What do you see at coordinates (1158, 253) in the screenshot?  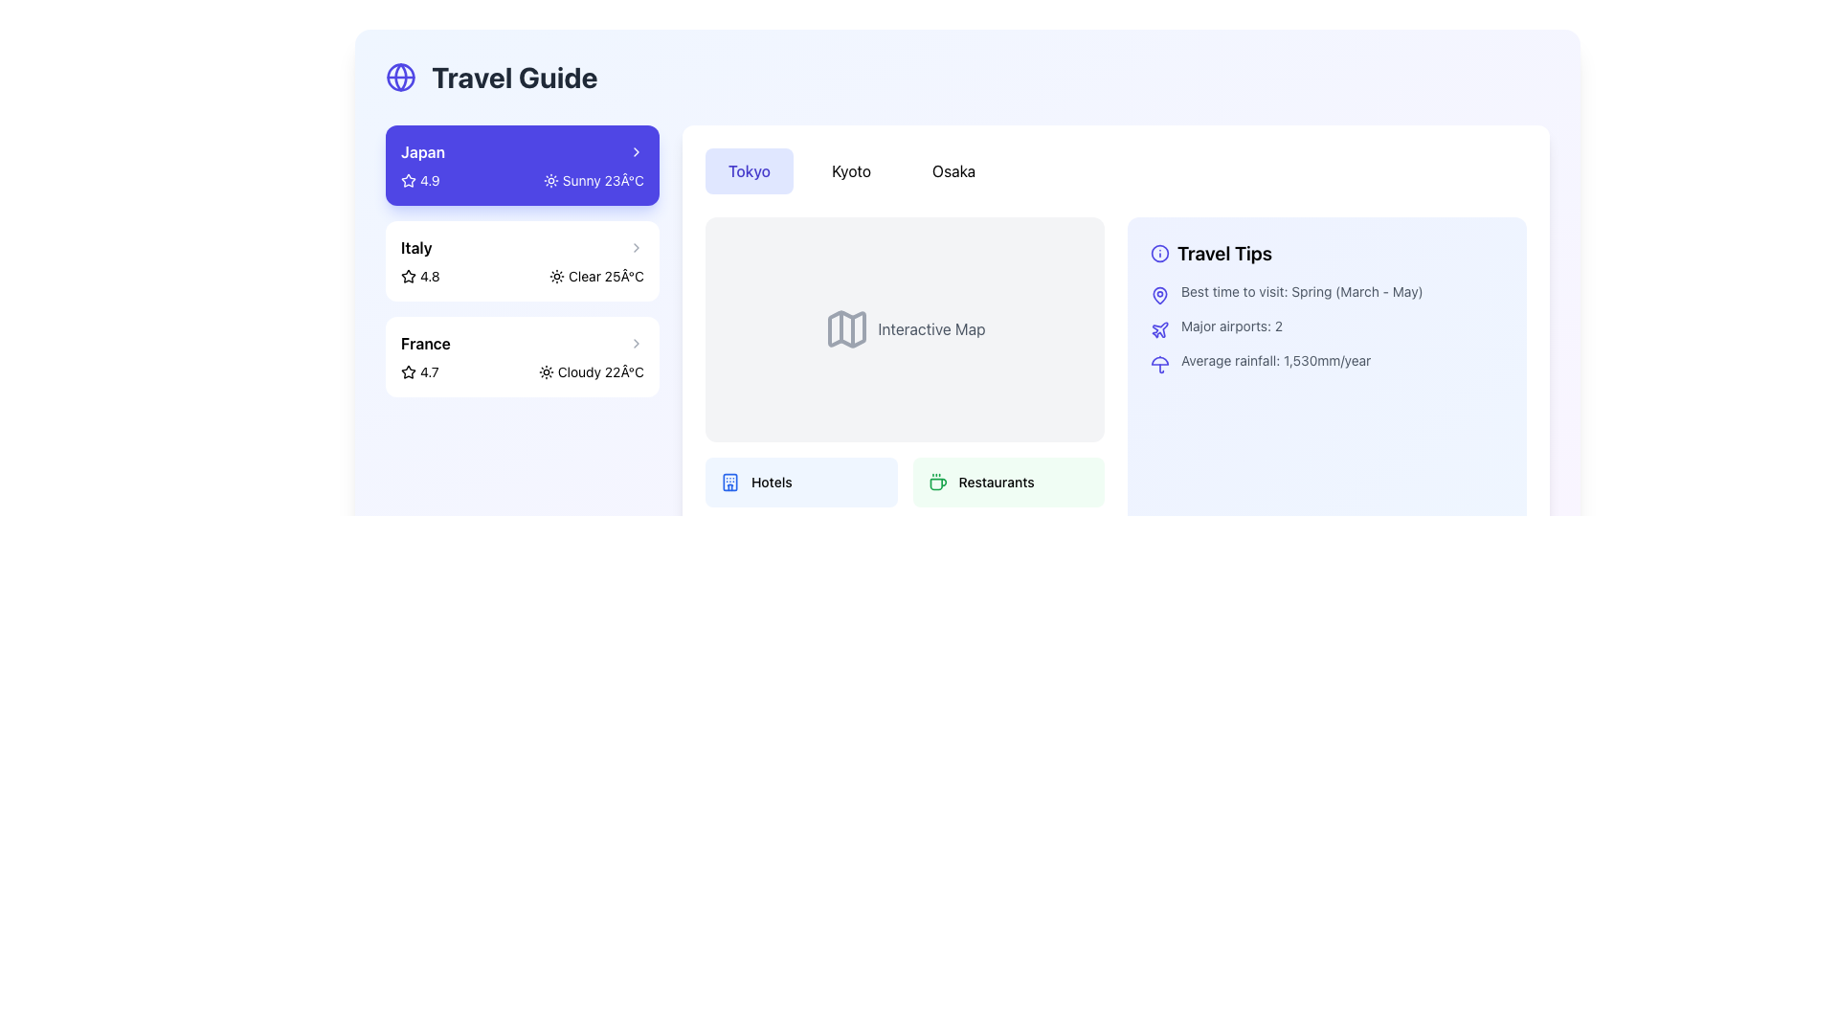 I see `the circular icon with a visible border and a central dot, located in the Travel Tips section before the 'Travel Tips' heading` at bounding box center [1158, 253].